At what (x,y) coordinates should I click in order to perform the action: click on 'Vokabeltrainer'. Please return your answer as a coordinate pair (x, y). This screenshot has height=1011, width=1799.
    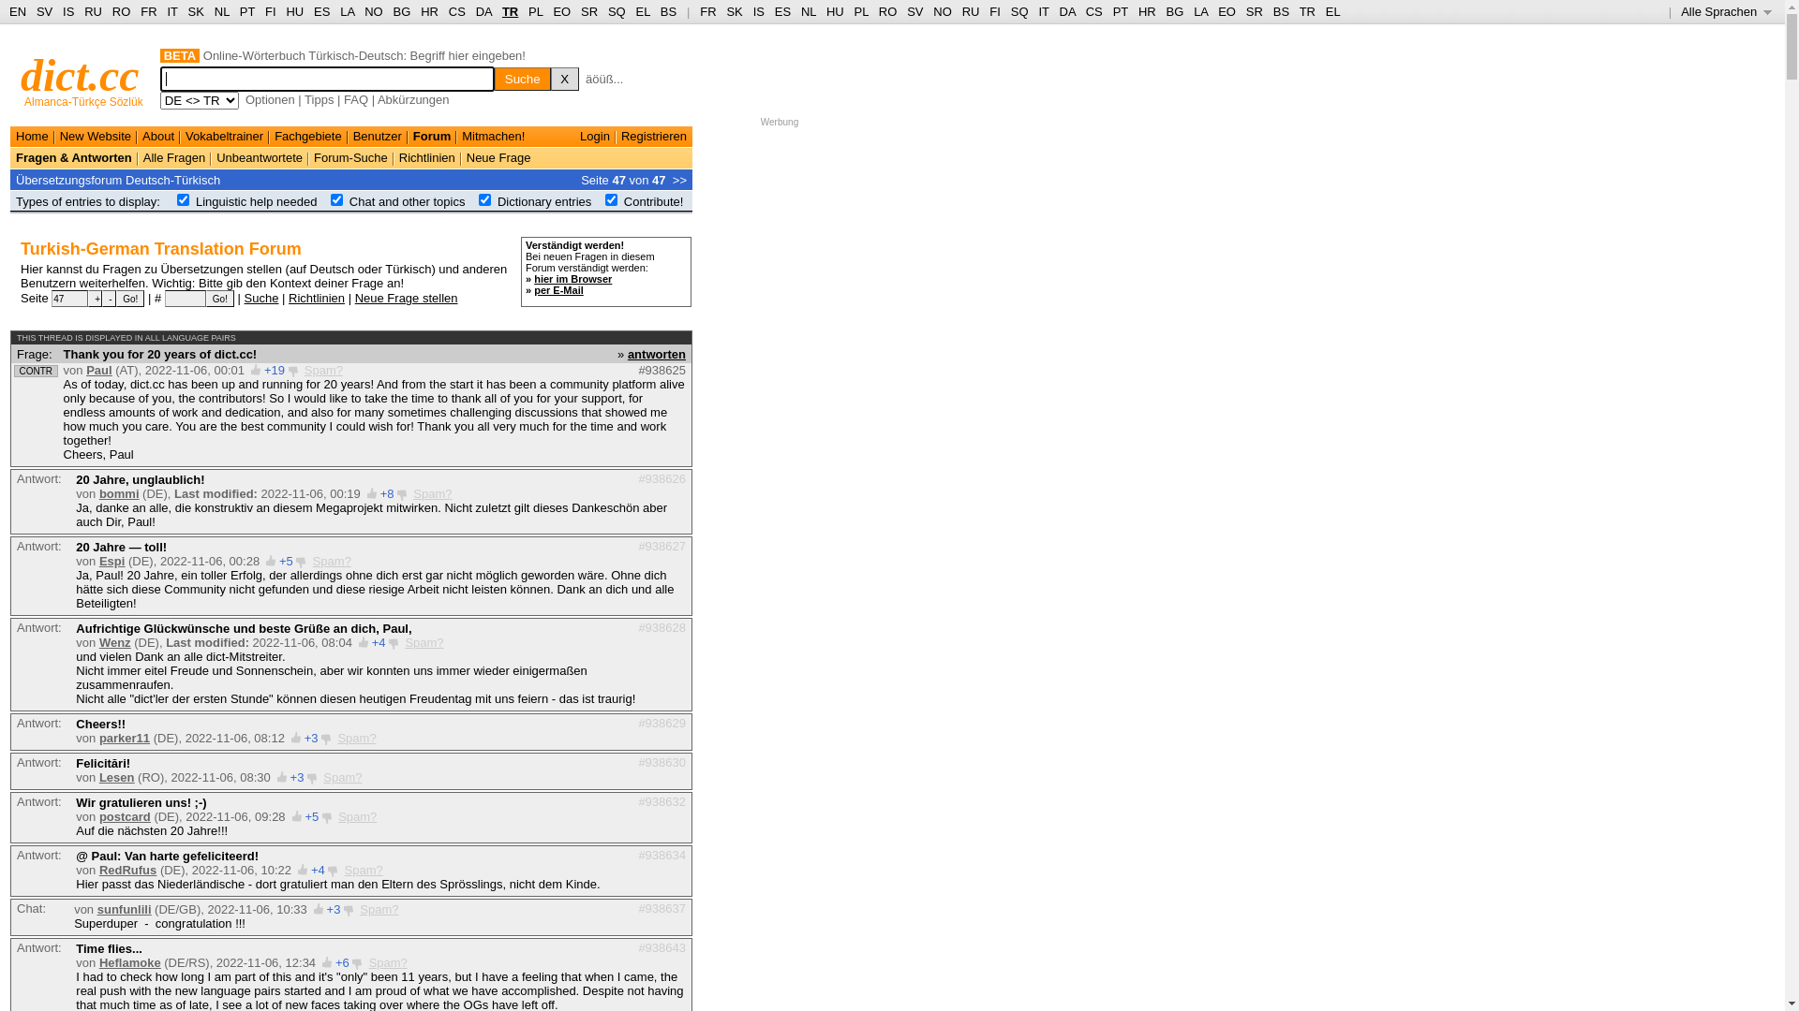
    Looking at the image, I should click on (224, 135).